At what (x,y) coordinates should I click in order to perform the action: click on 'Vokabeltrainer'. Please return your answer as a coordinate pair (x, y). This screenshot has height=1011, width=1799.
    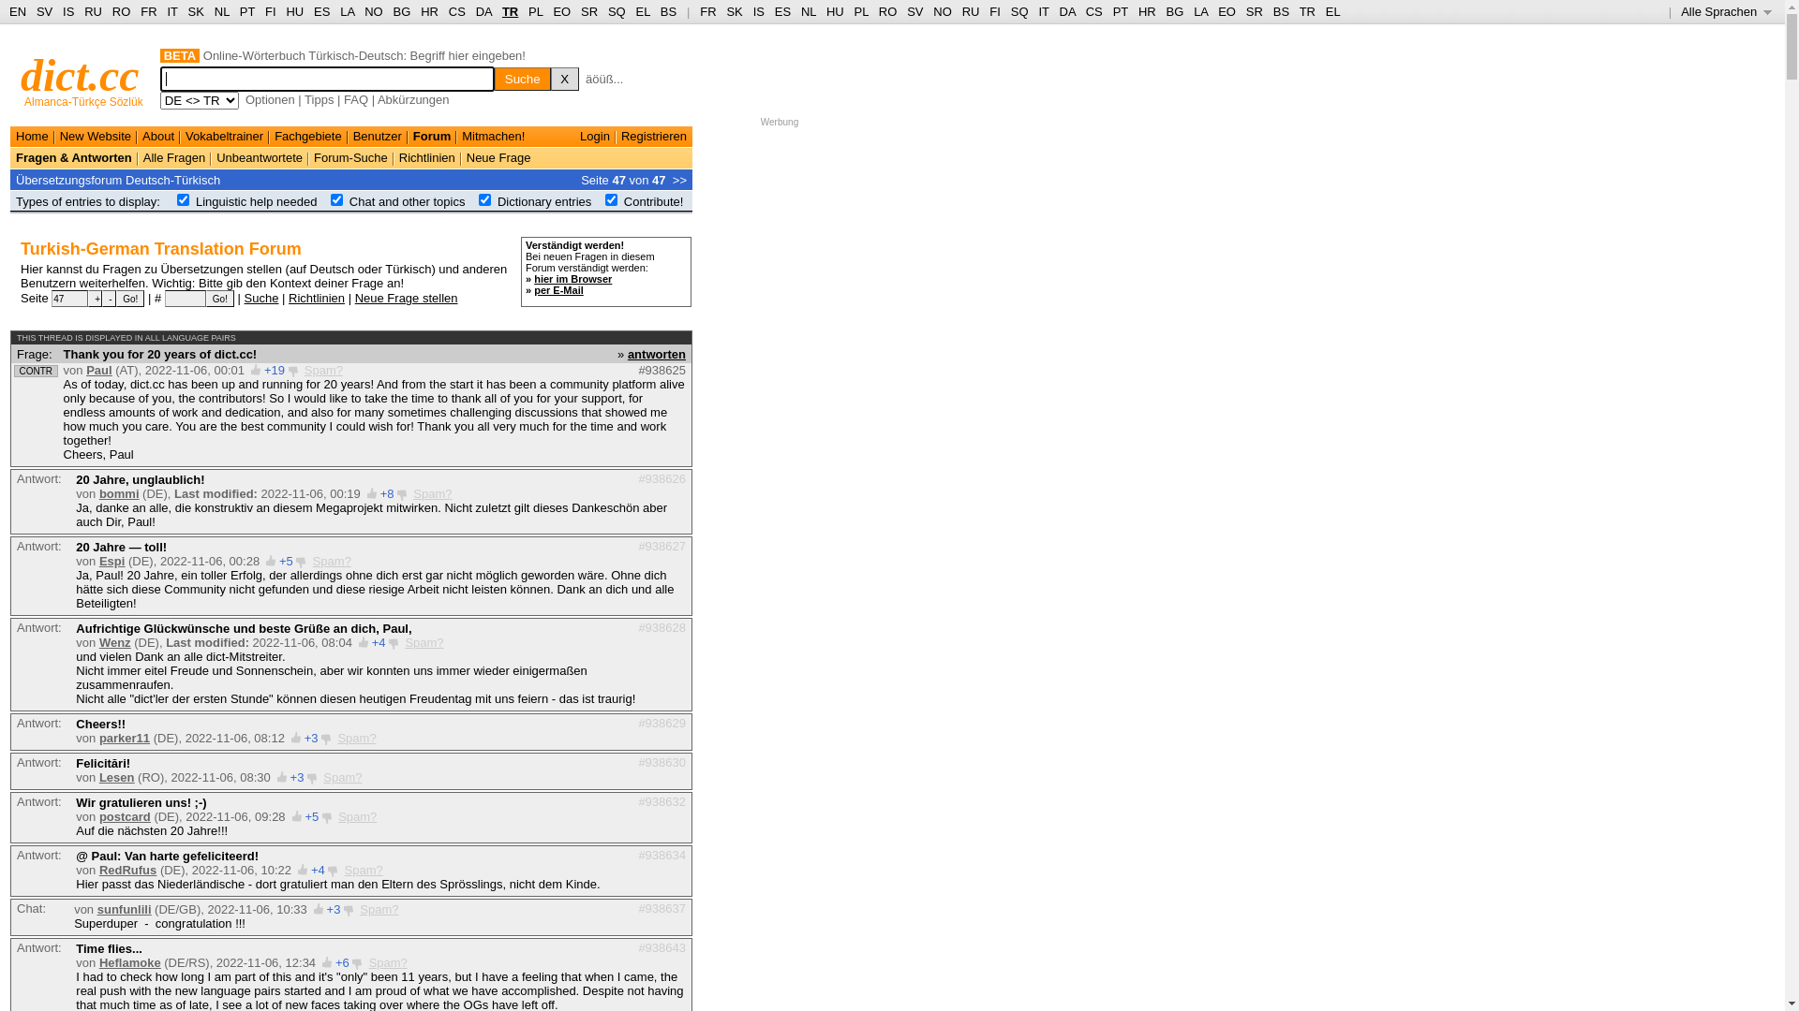
    Looking at the image, I should click on (224, 135).